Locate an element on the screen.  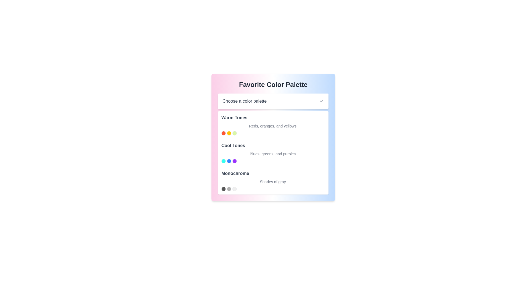
the first circular icon in the horizontal list under the 'Monochrome' section, which has a gray background color and no content inside is located at coordinates (224, 189).